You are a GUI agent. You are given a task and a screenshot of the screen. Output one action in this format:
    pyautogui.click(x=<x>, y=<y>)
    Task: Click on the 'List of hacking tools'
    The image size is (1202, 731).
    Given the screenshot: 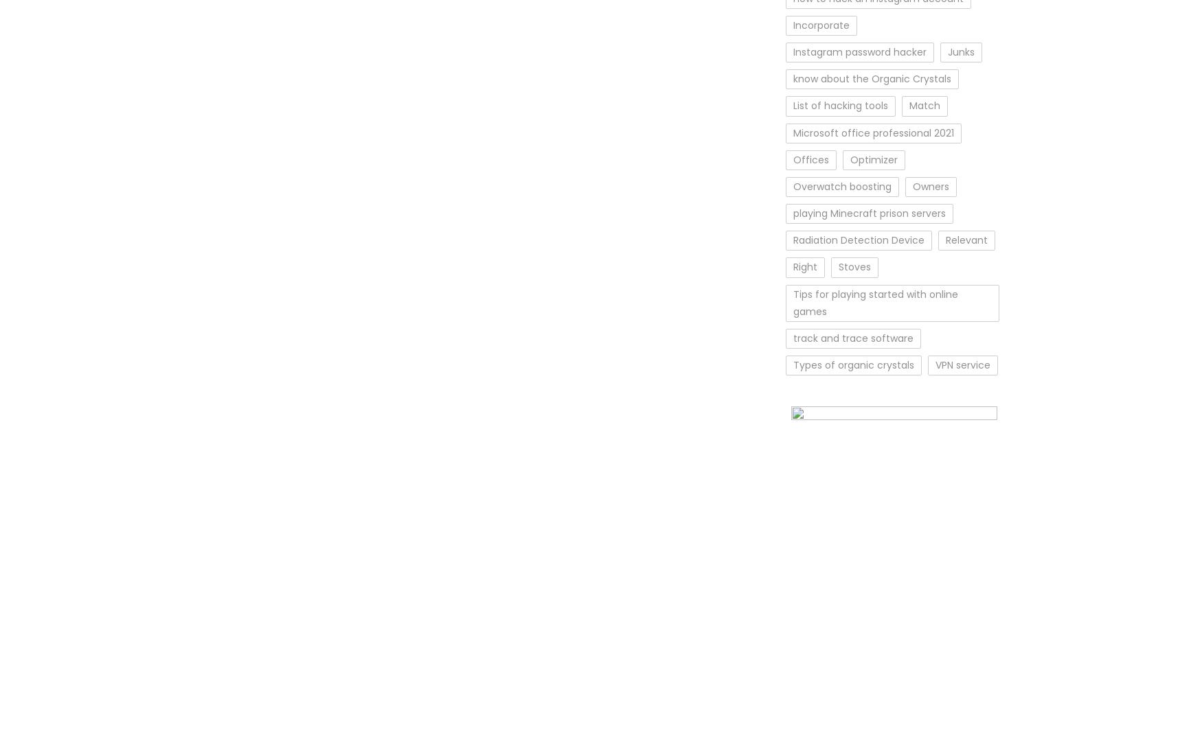 What is the action you would take?
    pyautogui.click(x=840, y=104)
    